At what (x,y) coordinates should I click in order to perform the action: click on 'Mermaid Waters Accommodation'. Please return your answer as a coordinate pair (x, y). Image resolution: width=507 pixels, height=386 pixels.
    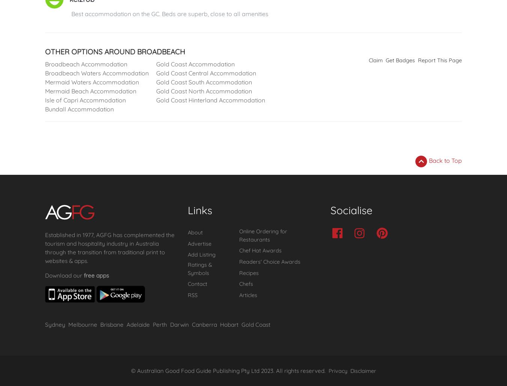
    Looking at the image, I should click on (92, 82).